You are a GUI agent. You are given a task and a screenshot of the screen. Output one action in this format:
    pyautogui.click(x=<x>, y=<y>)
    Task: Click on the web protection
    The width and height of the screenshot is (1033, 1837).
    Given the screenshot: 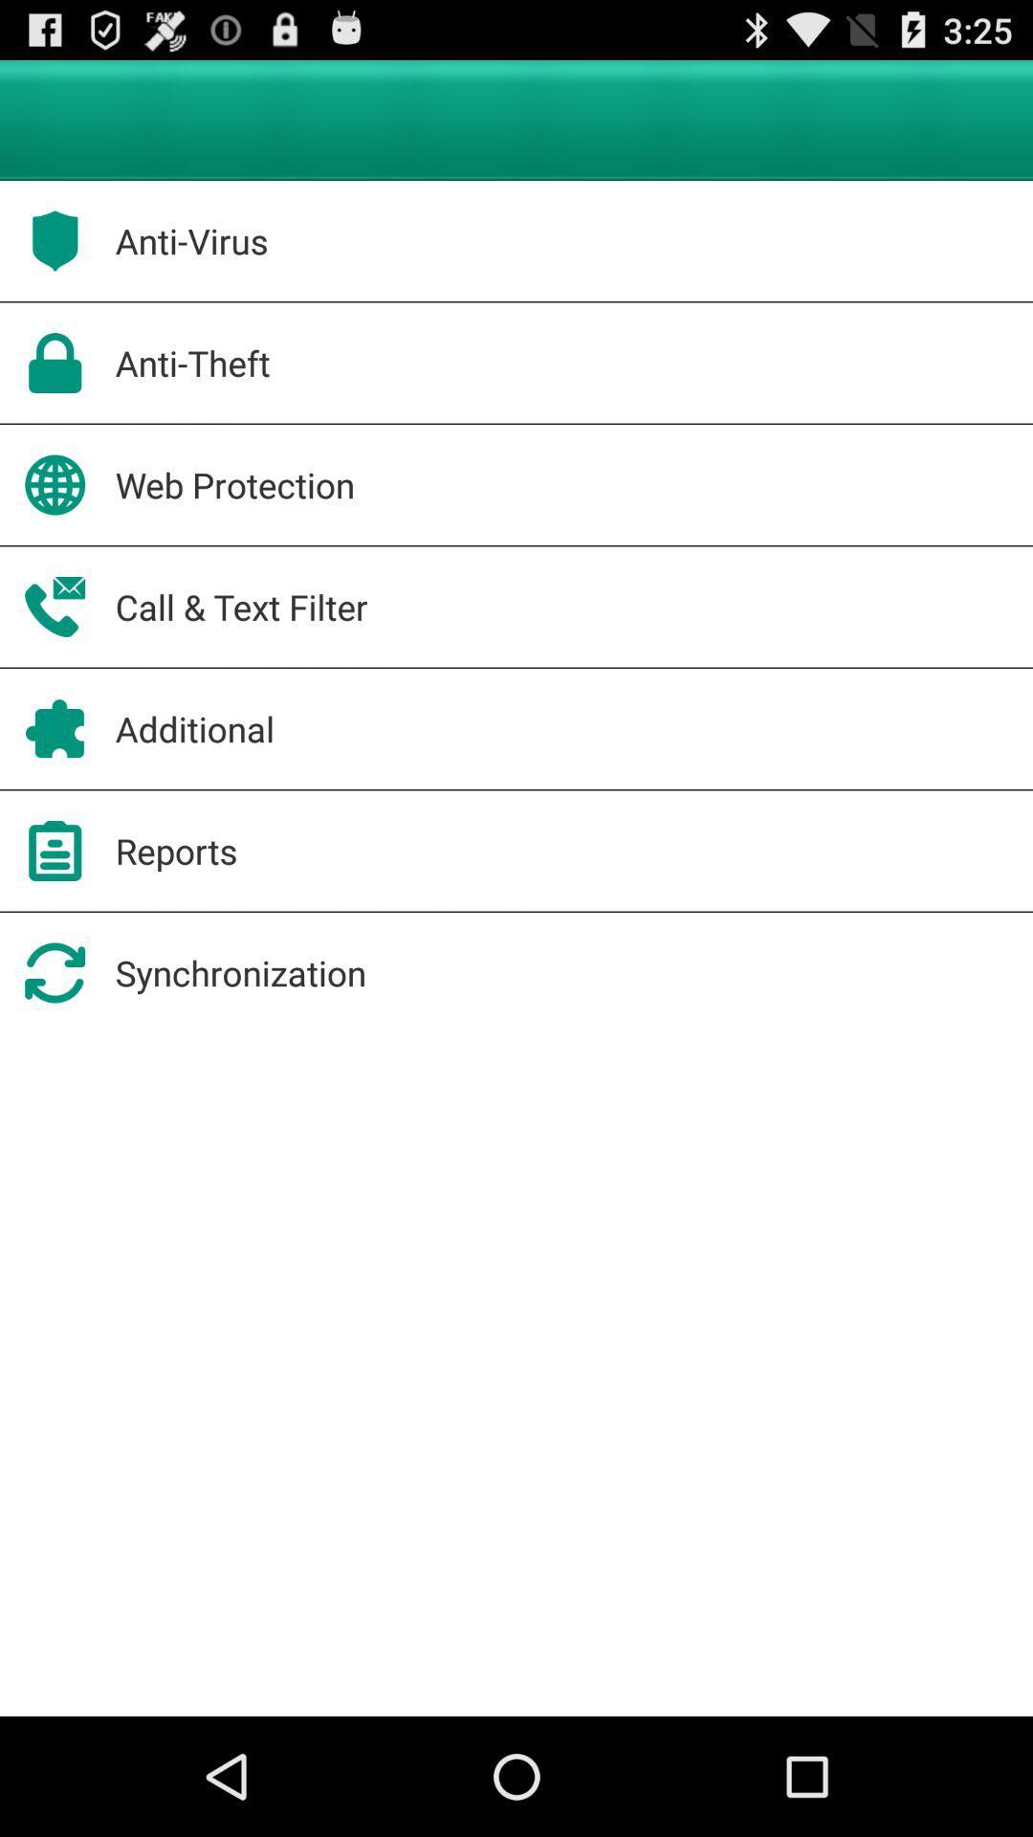 What is the action you would take?
    pyautogui.click(x=234, y=485)
    